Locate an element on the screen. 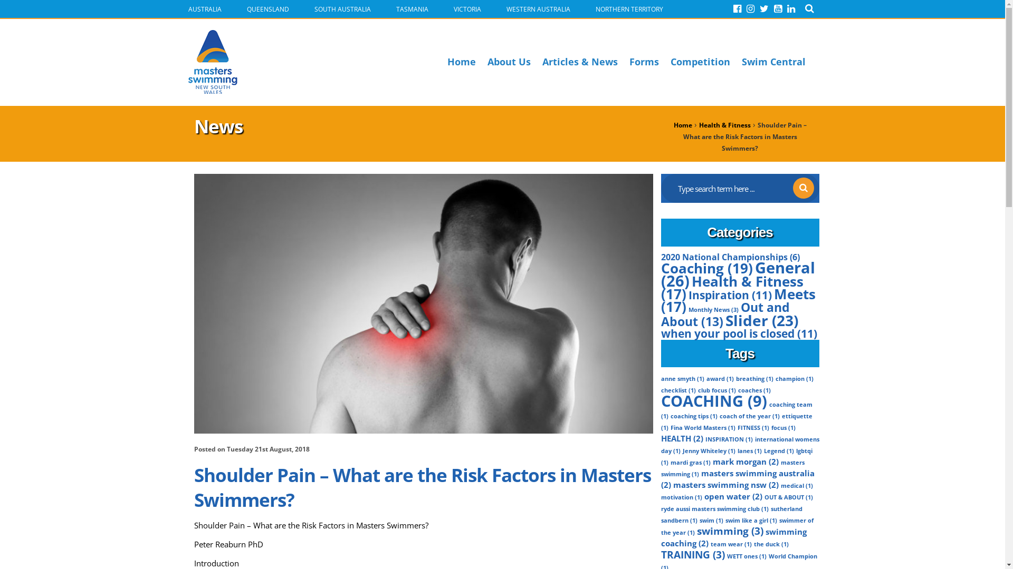  'when your pool is closed (11)' is located at coordinates (738, 333).